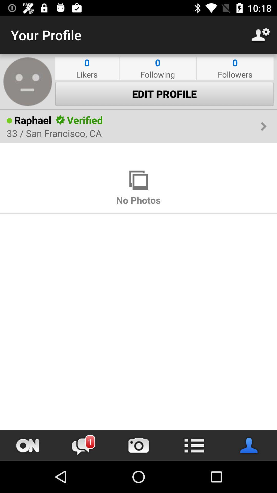 The image size is (277, 493). What do you see at coordinates (261, 35) in the screenshot?
I see `item to the right of the your profile` at bounding box center [261, 35].